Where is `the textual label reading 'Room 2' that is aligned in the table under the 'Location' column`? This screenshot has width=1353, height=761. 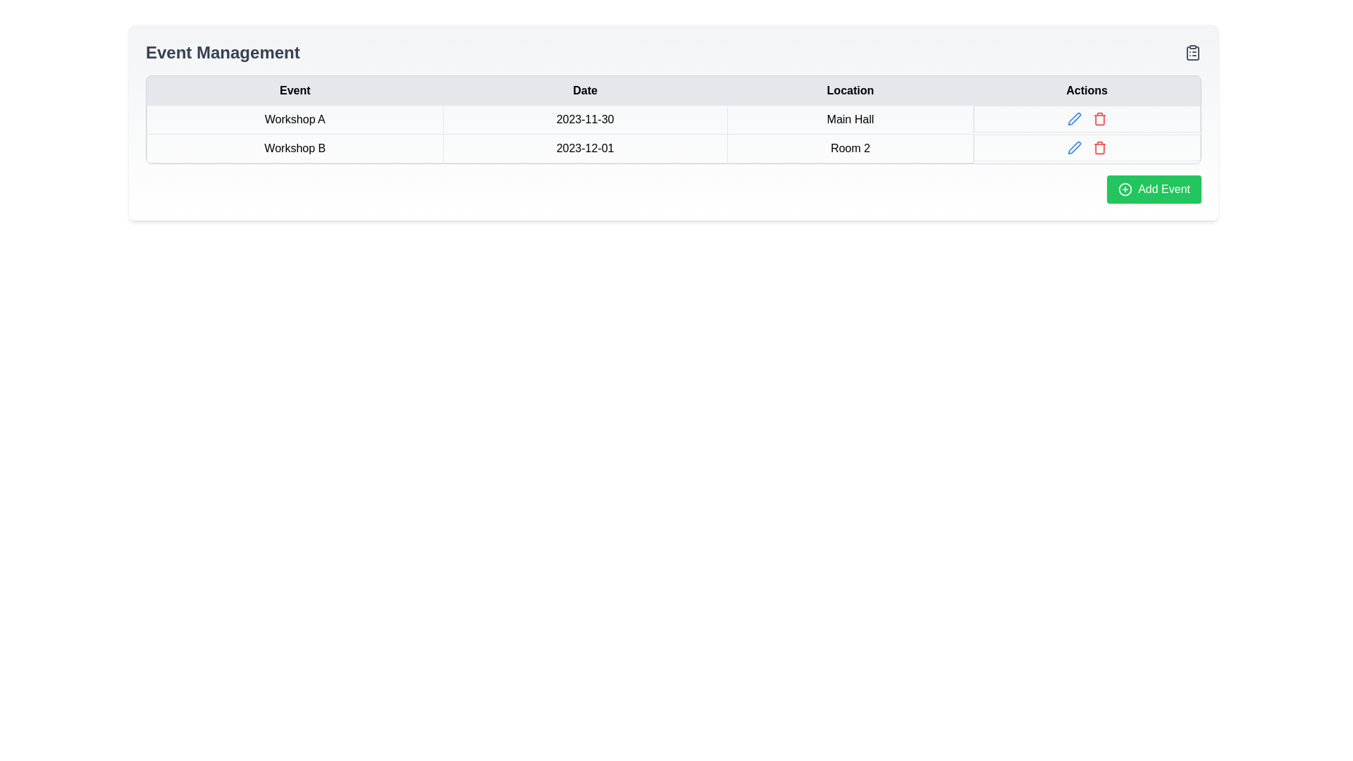 the textual label reading 'Room 2' that is aligned in the table under the 'Location' column is located at coordinates (849, 149).